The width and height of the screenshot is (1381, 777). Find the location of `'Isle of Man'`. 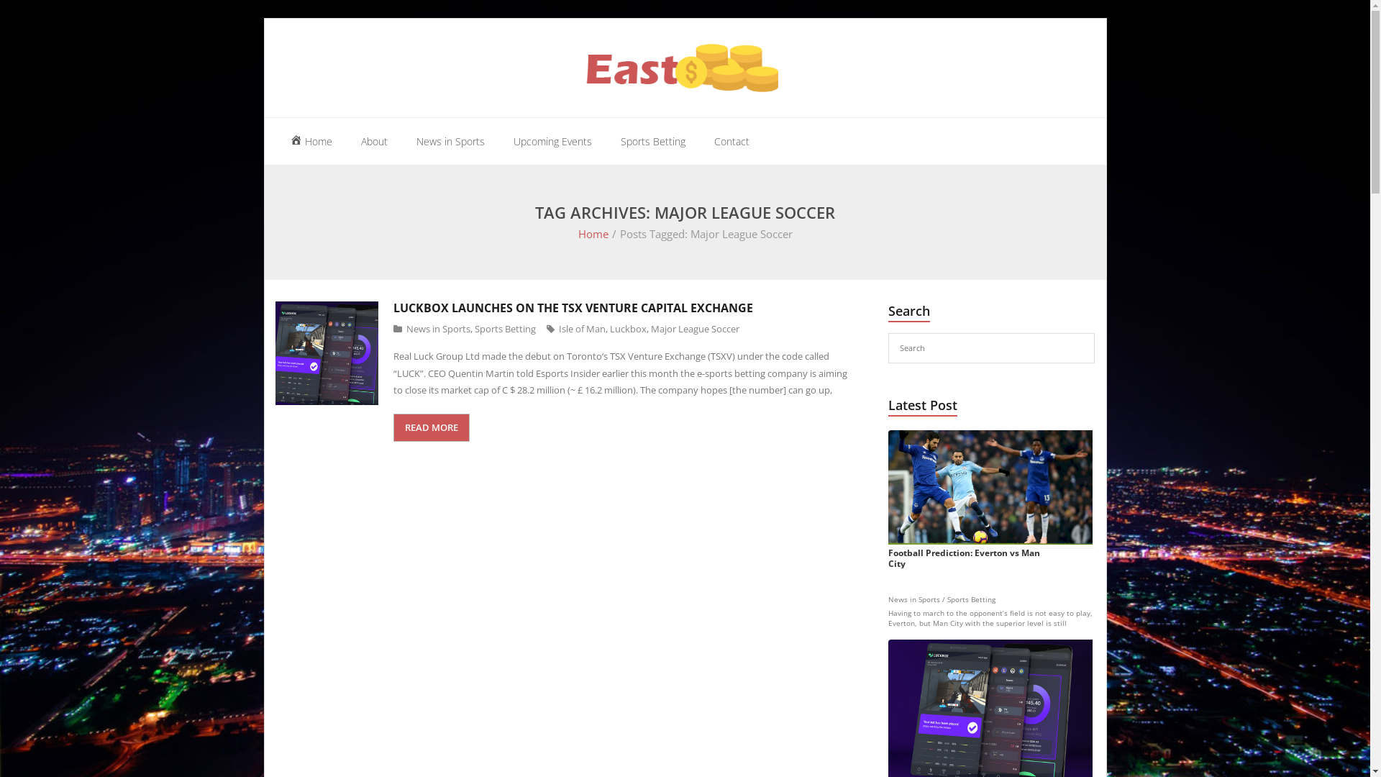

'Isle of Man' is located at coordinates (582, 328).